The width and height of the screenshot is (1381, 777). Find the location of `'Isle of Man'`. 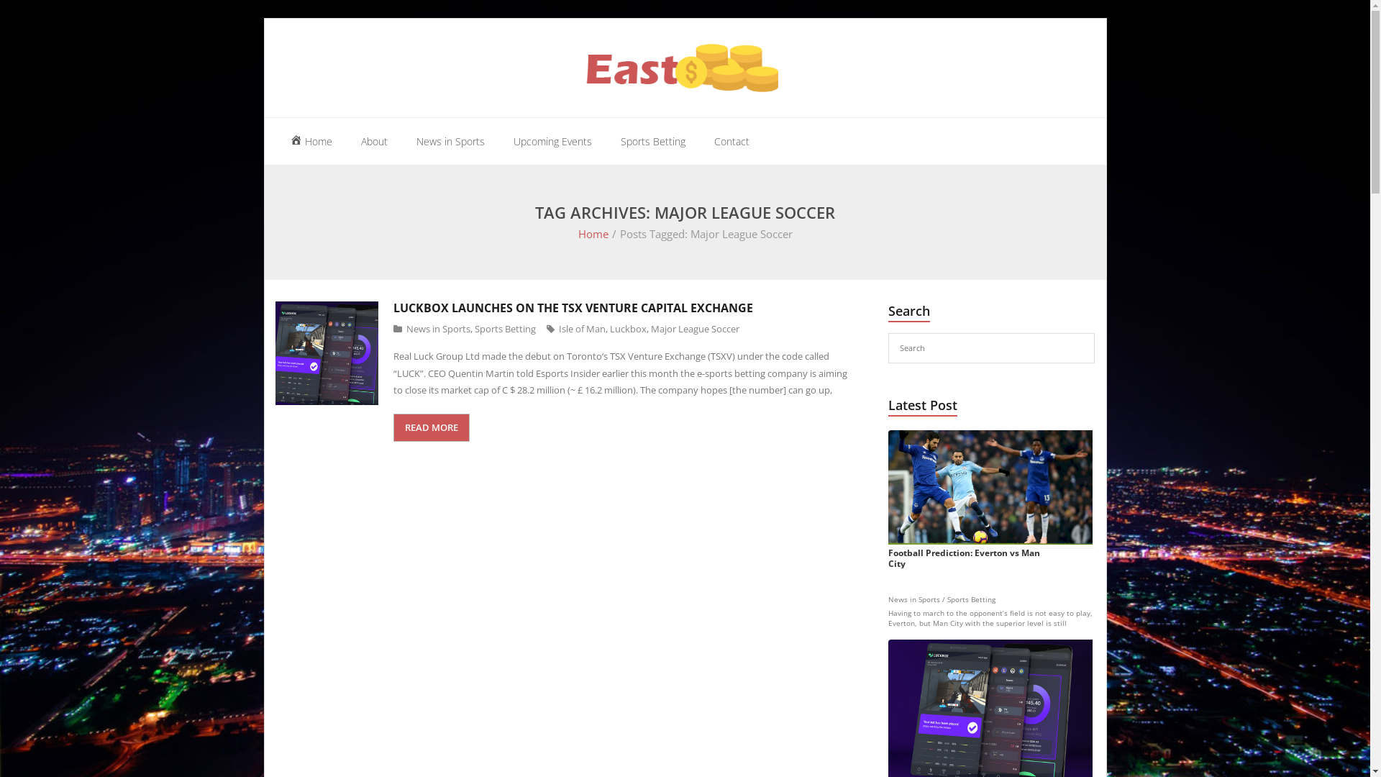

'Isle of Man' is located at coordinates (582, 328).